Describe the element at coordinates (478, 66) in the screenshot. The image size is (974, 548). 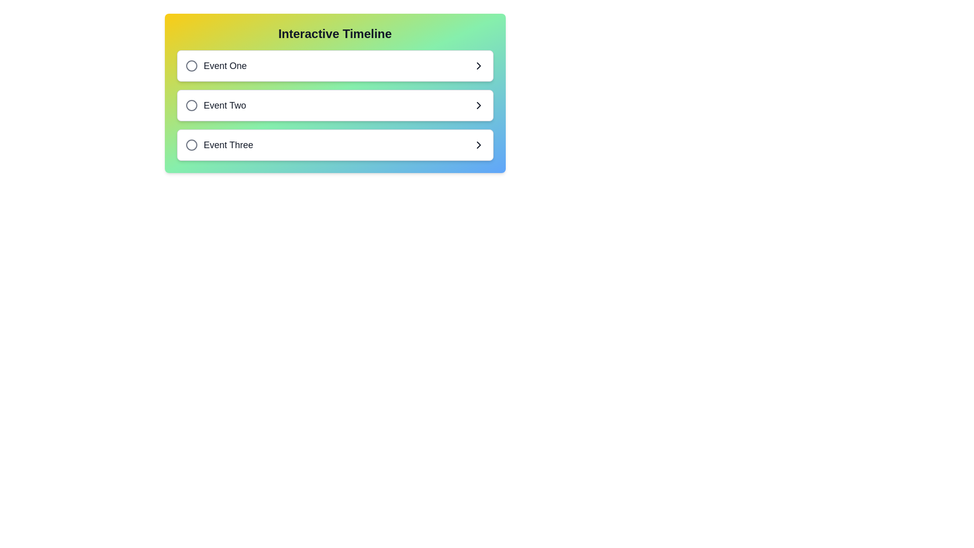
I see `the button located at the far-right end of the row labeled 'Event One'` at that location.